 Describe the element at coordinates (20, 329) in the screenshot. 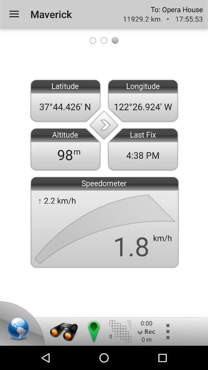

I see `location on map` at that location.